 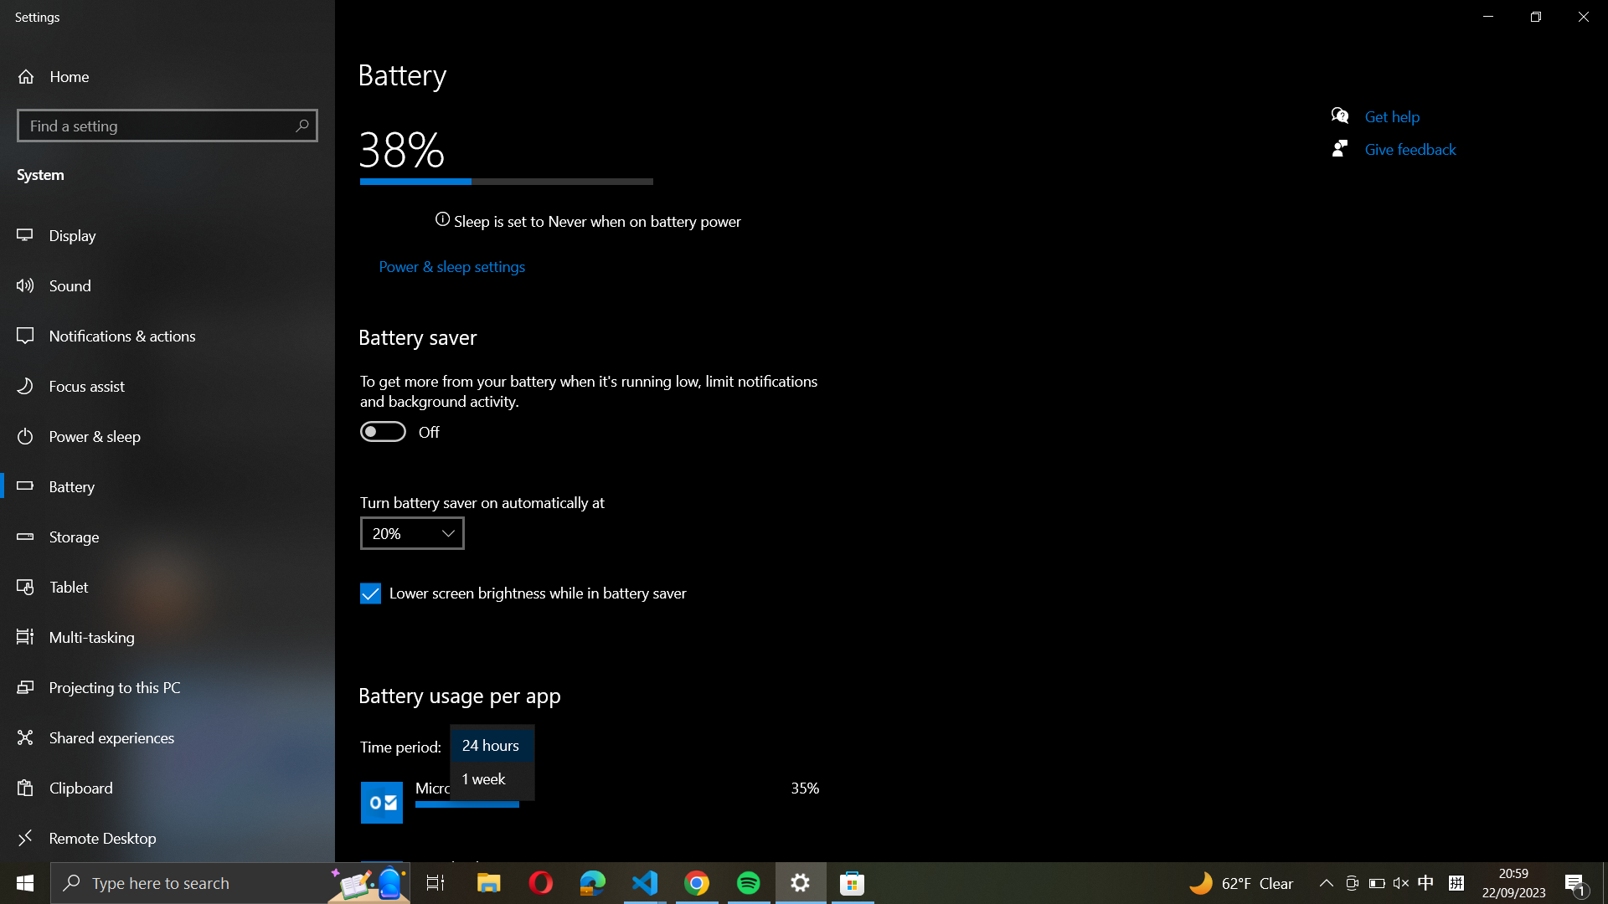 What do you see at coordinates (169, 387) in the screenshot?
I see `the Focus assist settings from the left panel` at bounding box center [169, 387].